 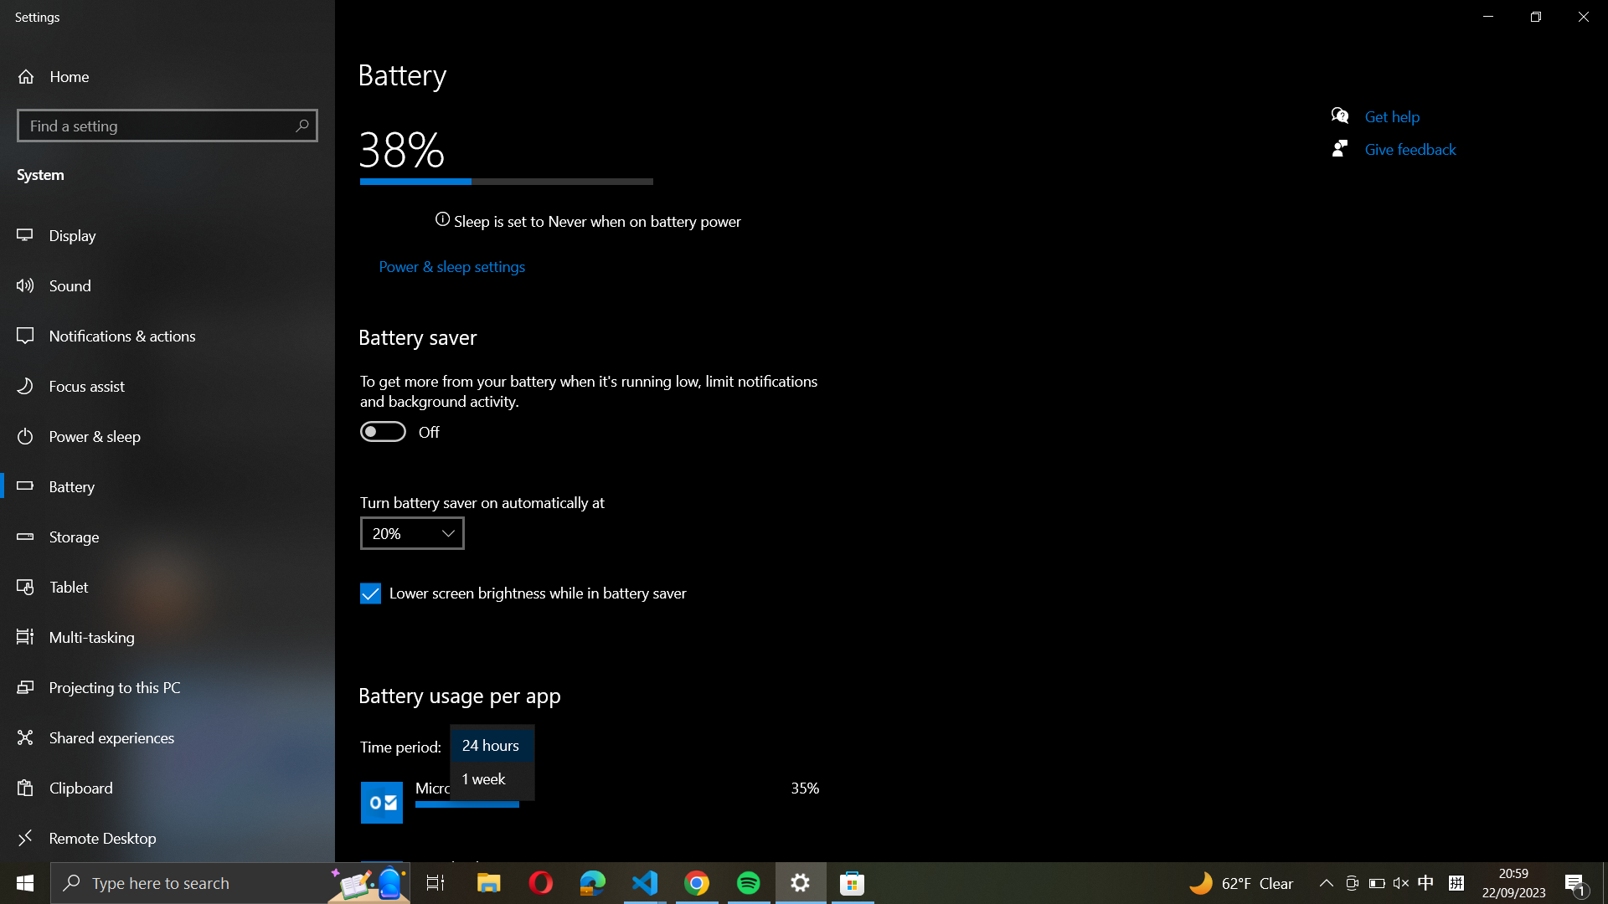 What do you see at coordinates (169, 387) in the screenshot?
I see `the Focus assist settings from the left panel` at bounding box center [169, 387].